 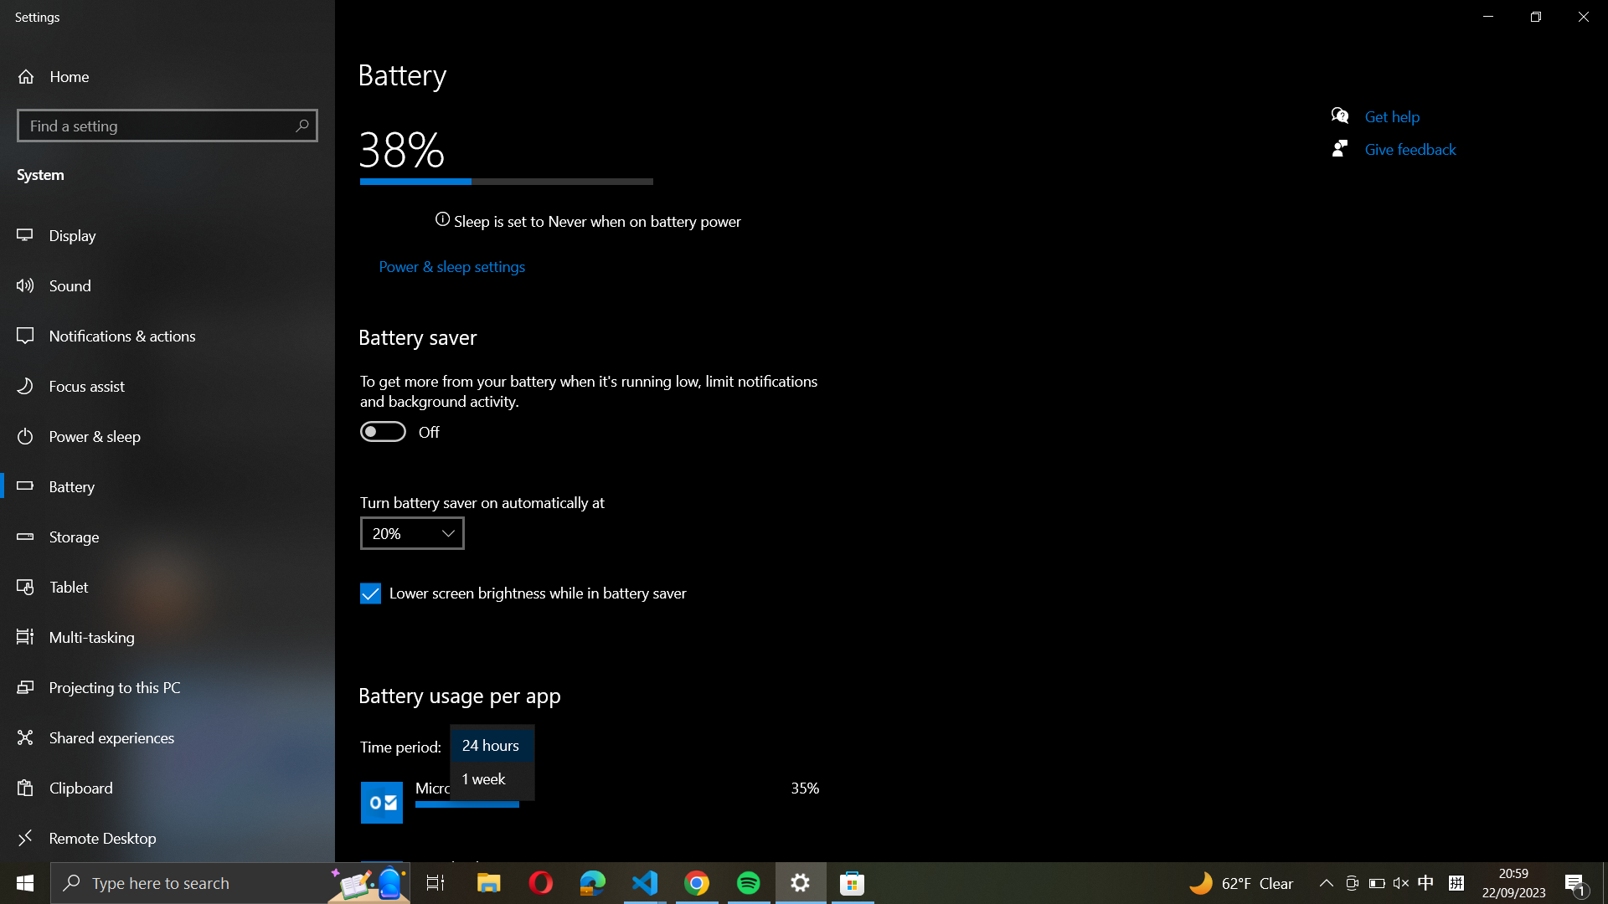 What do you see at coordinates (169, 387) in the screenshot?
I see `the Focus assist settings from the left panel` at bounding box center [169, 387].